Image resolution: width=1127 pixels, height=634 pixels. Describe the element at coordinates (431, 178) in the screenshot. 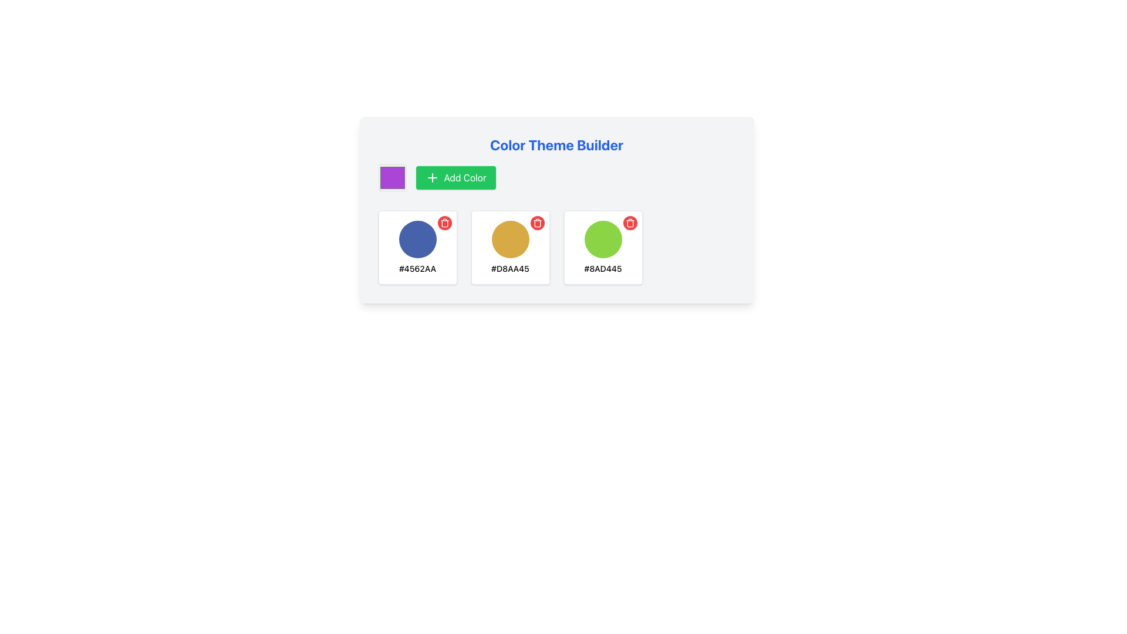

I see `the small green circular button with a white plus icon, which is centered within the larger green rectangular button labeled 'Add Color' in the toolbar at the top of the color picker interface` at that location.